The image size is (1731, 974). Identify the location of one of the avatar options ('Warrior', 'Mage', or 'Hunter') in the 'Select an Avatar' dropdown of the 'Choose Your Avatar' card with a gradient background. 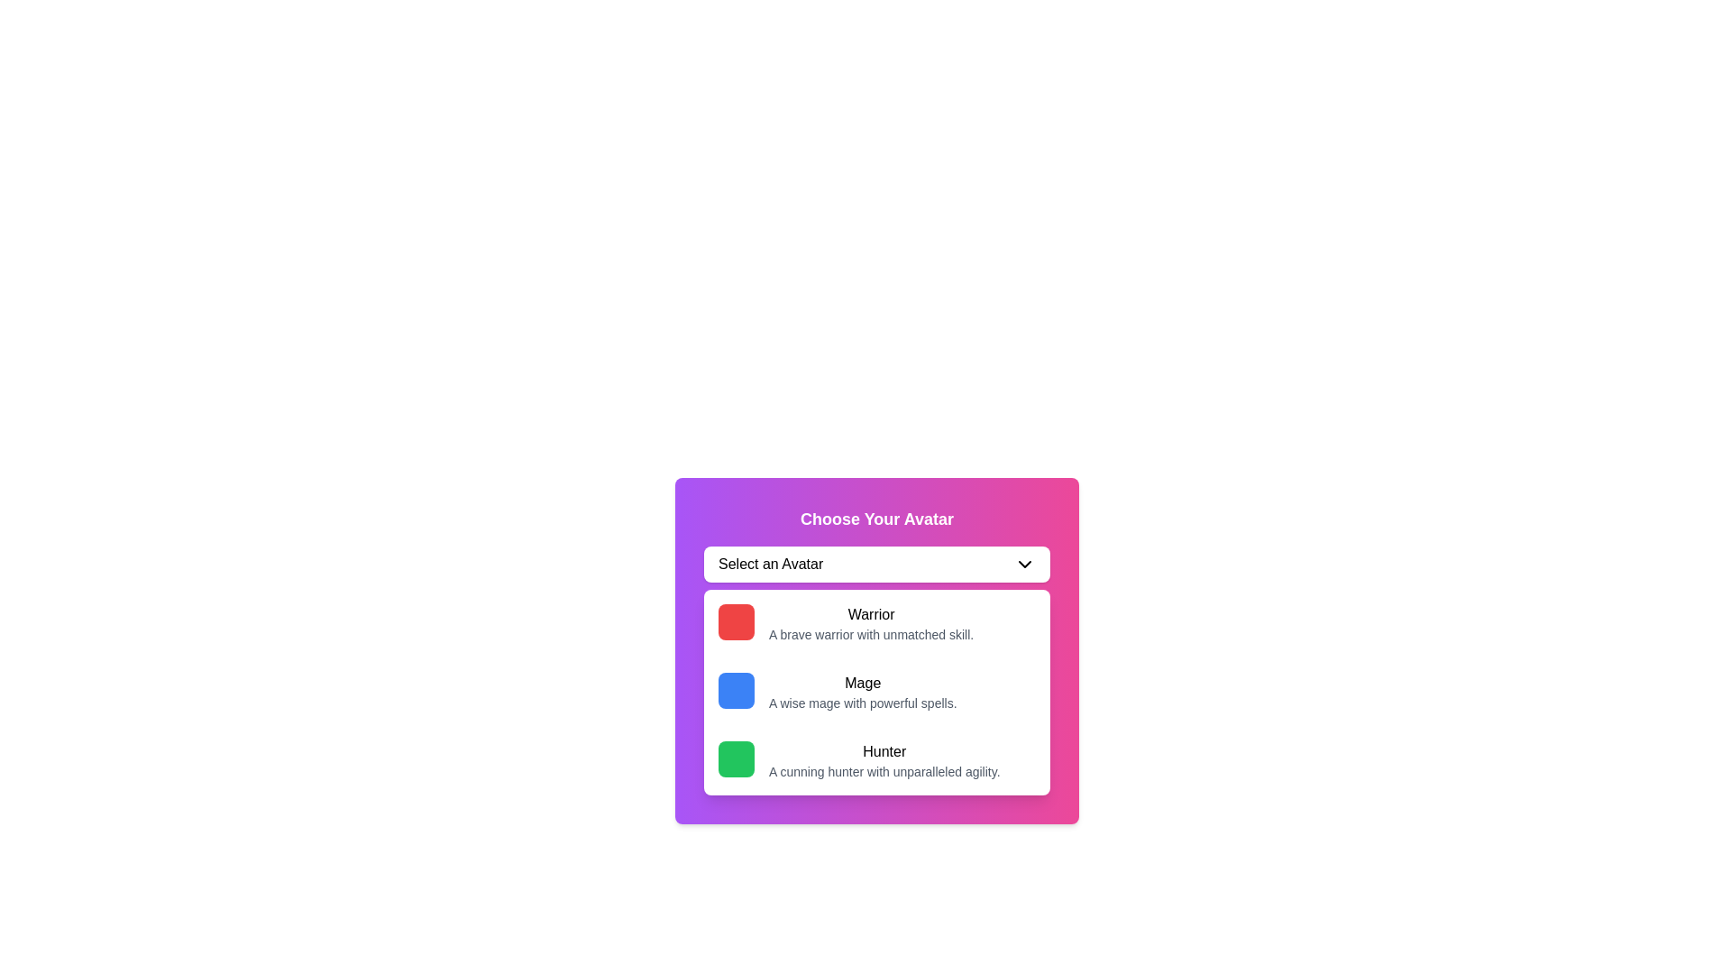
(877, 650).